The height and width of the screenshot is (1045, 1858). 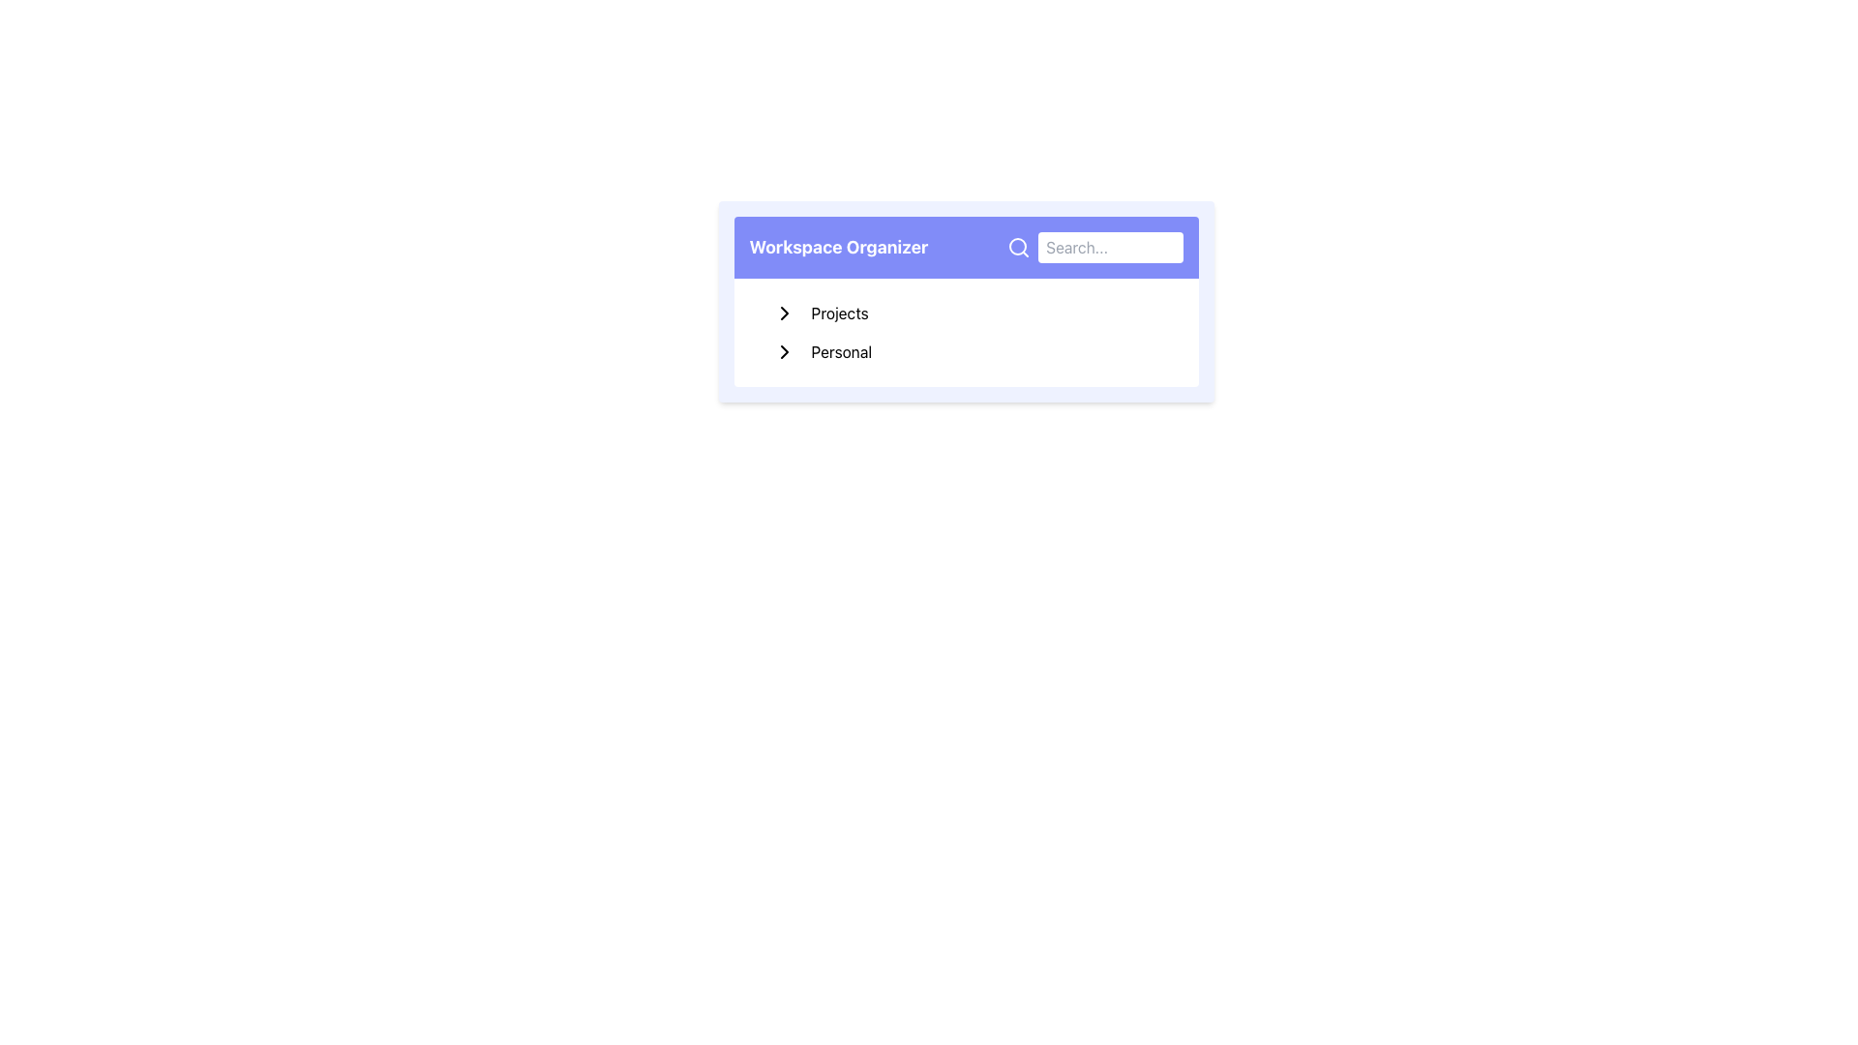 What do you see at coordinates (840, 313) in the screenshot?
I see `text label 'Projects' located under the 'Workspace Organizer' section in the menu, which is the first item and is adjacent to a collapsible arrow icon` at bounding box center [840, 313].